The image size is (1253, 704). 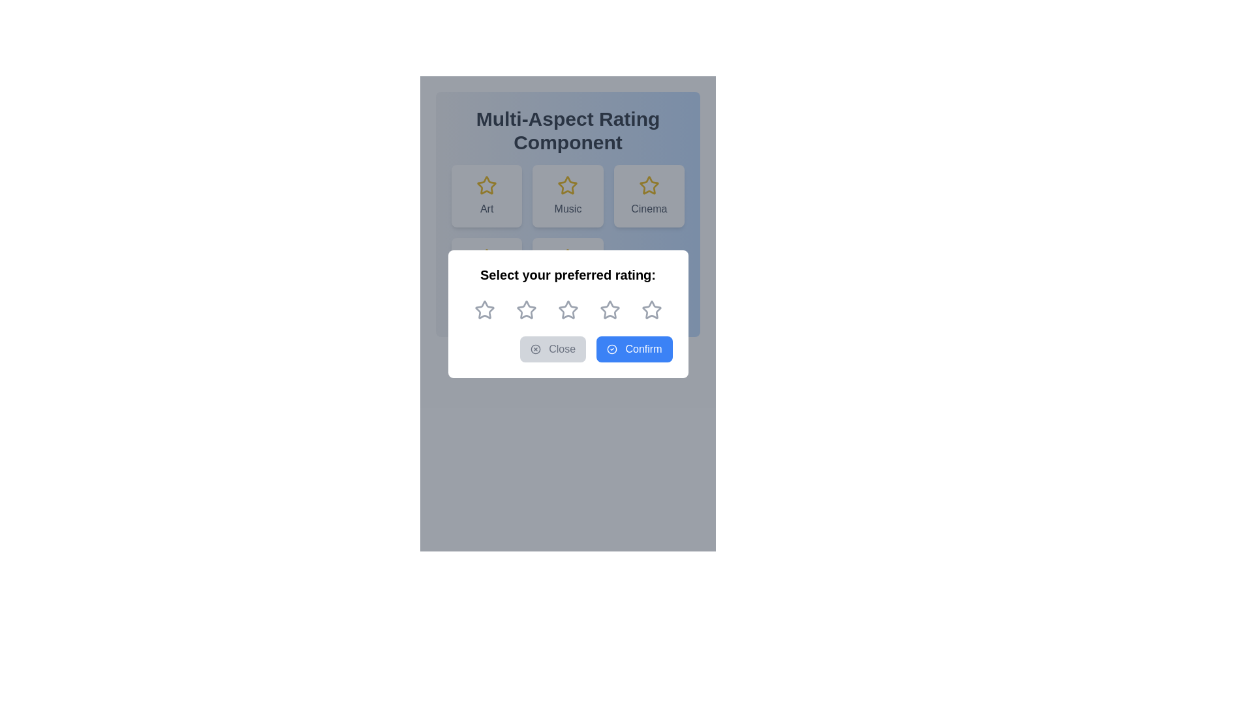 What do you see at coordinates (484, 309) in the screenshot?
I see `the first rating star, which is the leftmost star in a sequence of five stars under the heading 'Select your preferred rating:'` at bounding box center [484, 309].